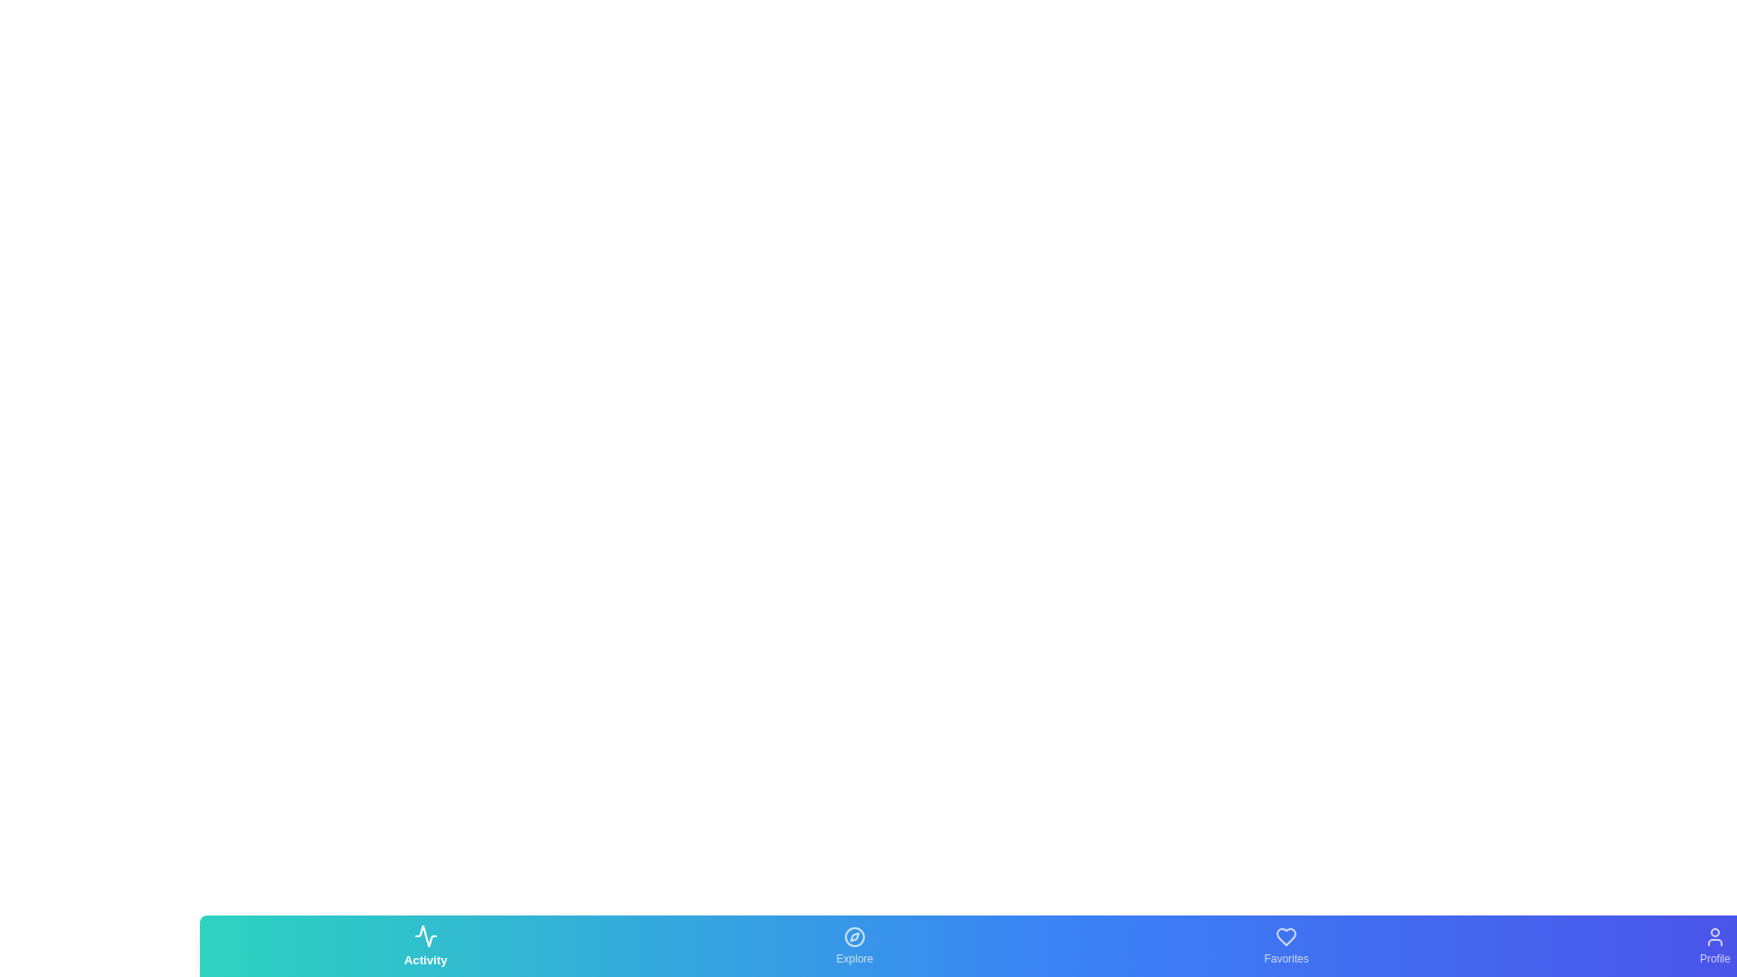 Image resolution: width=1737 pixels, height=977 pixels. Describe the element at coordinates (424, 944) in the screenshot. I see `the Activity tab by clicking on its corresponding button` at that location.